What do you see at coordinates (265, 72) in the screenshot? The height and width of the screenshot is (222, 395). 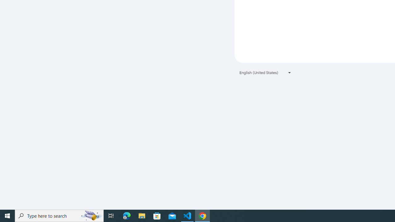 I see `'English (United States)'` at bounding box center [265, 72].